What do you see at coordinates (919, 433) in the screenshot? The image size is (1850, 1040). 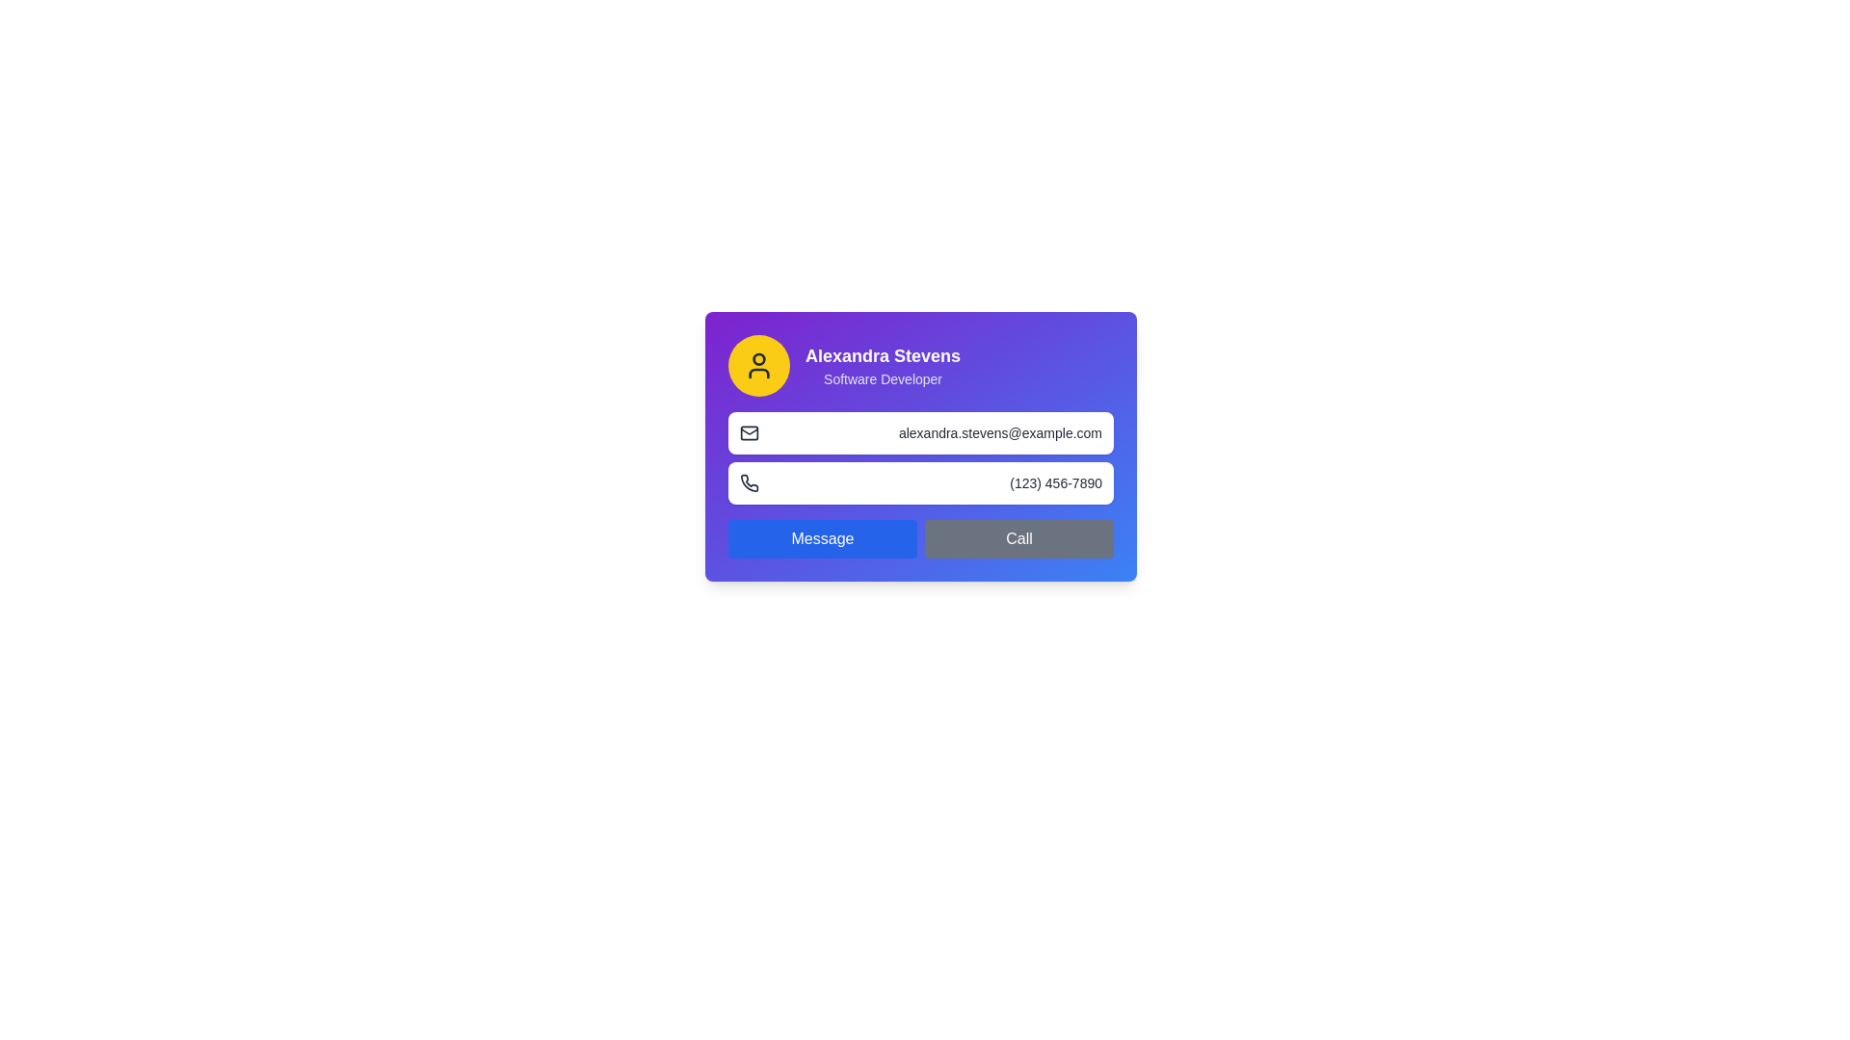 I see `the text display element that shows the user's email address, which is centrally located above the phone number display` at bounding box center [919, 433].